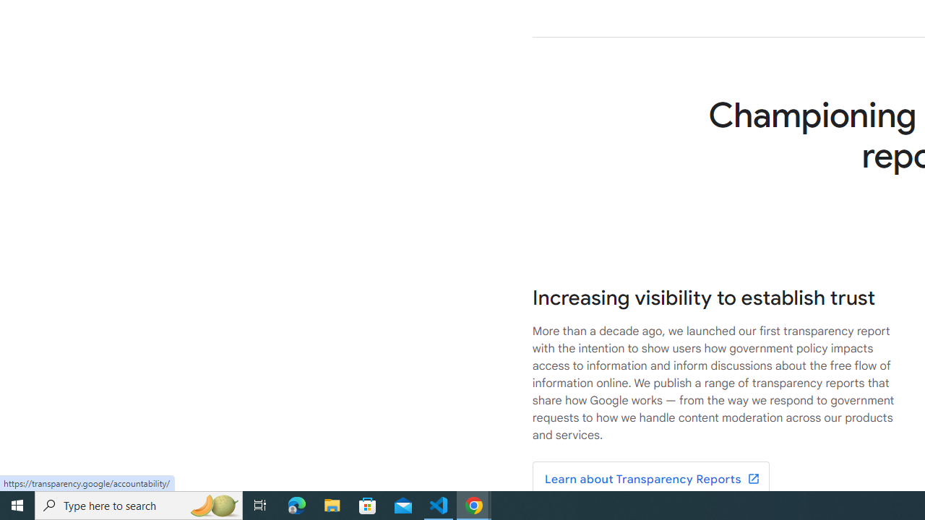 The height and width of the screenshot is (520, 925). What do you see at coordinates (650, 480) in the screenshot?
I see `'Go to Transparency Report About web page'` at bounding box center [650, 480].